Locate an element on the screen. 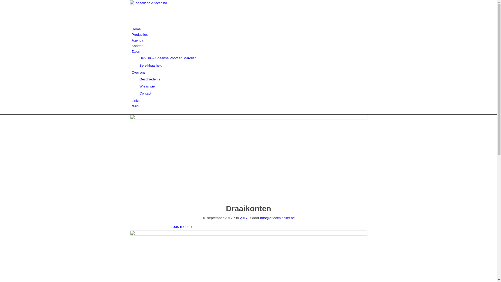 The image size is (501, 282). 'Over ons' is located at coordinates (138, 72).